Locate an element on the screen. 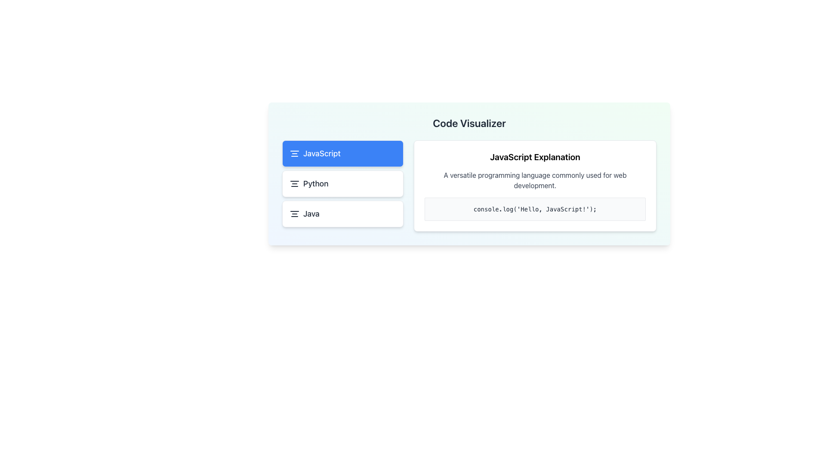 Image resolution: width=826 pixels, height=465 pixels. the programming language label with an icon is located at coordinates (342, 153).